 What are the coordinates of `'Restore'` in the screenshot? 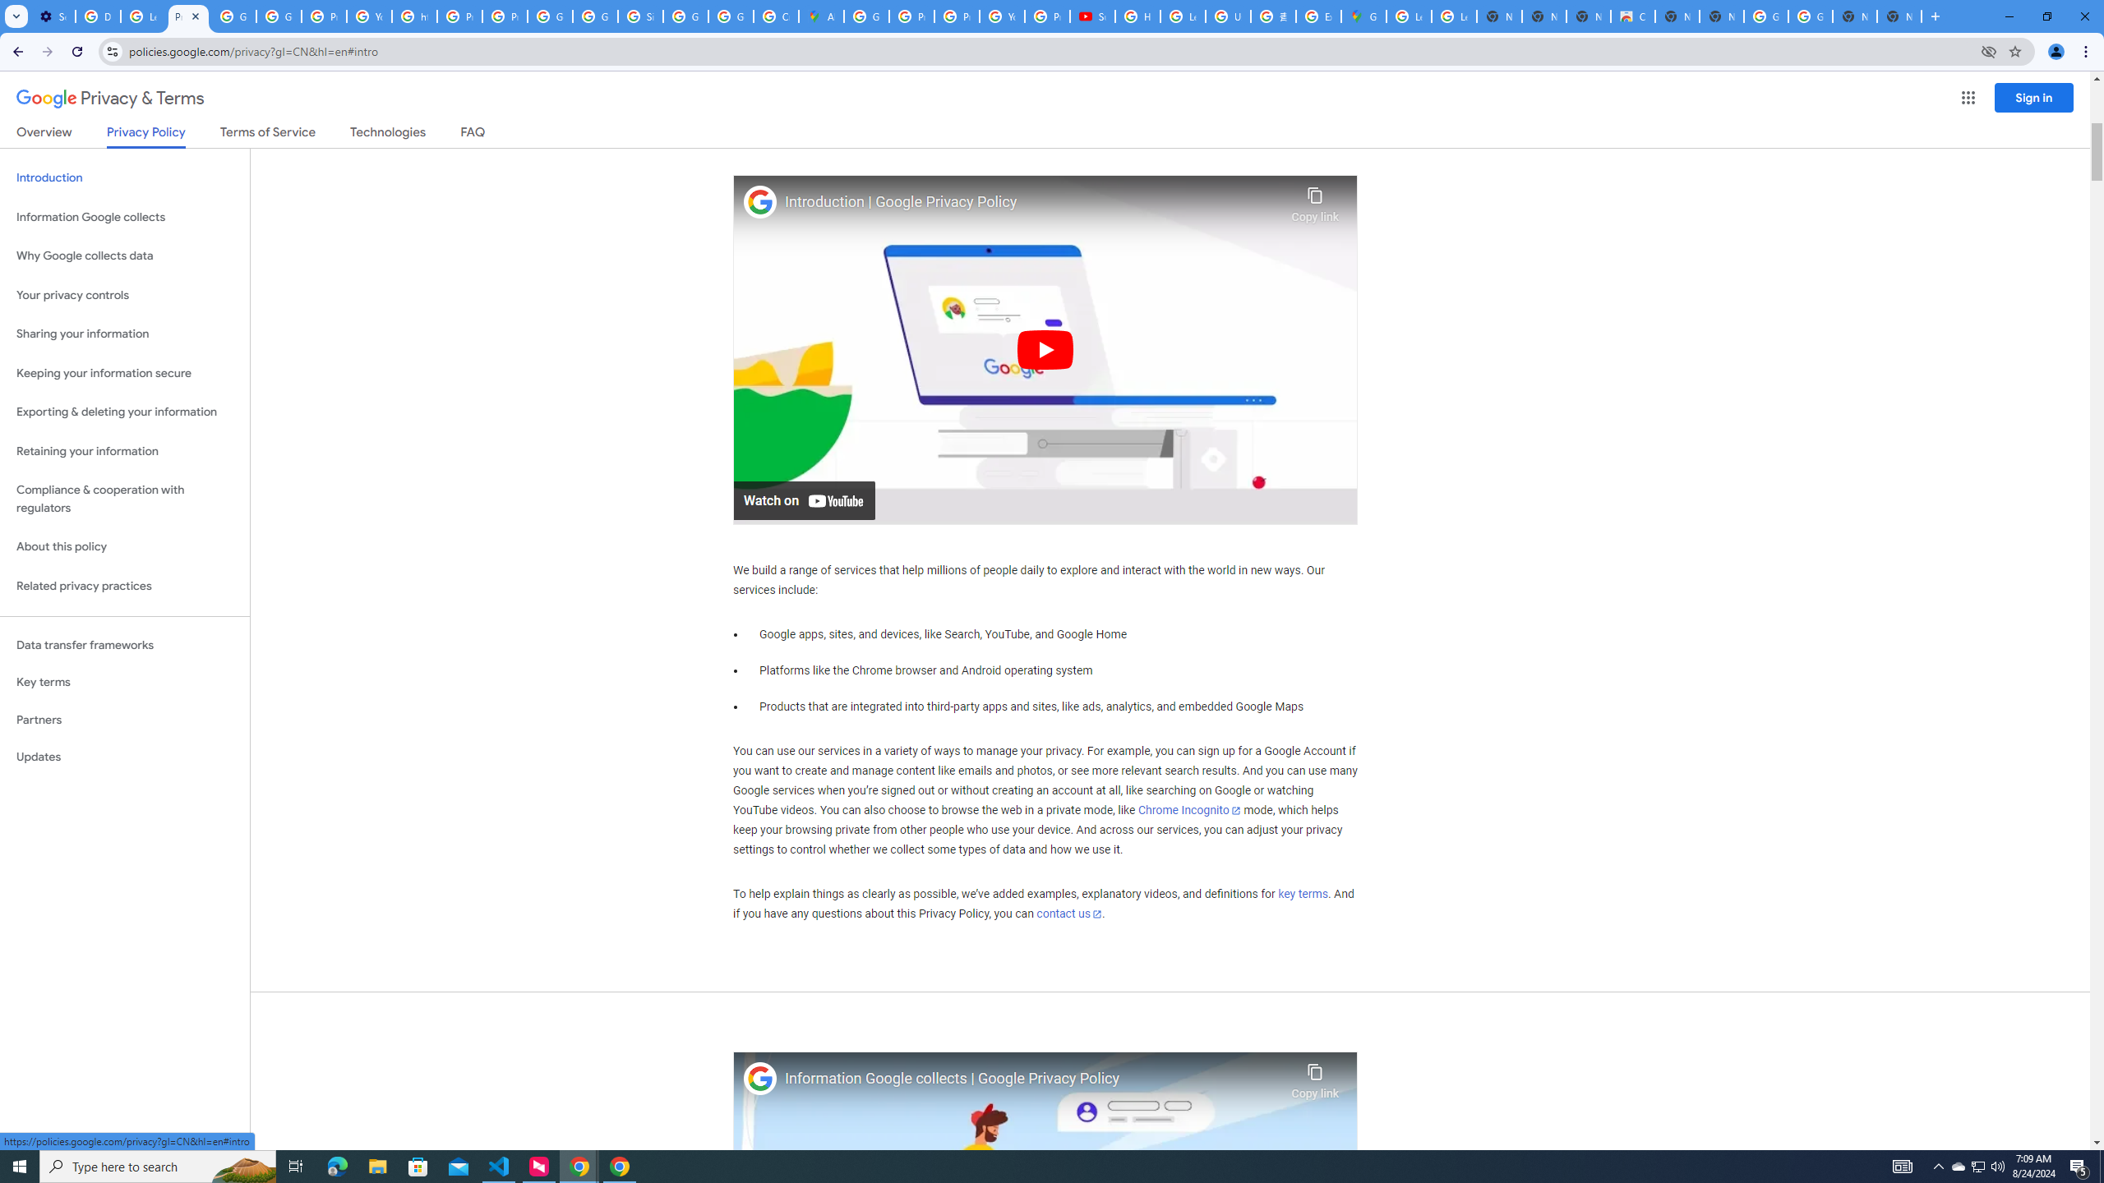 It's located at (2046, 16).